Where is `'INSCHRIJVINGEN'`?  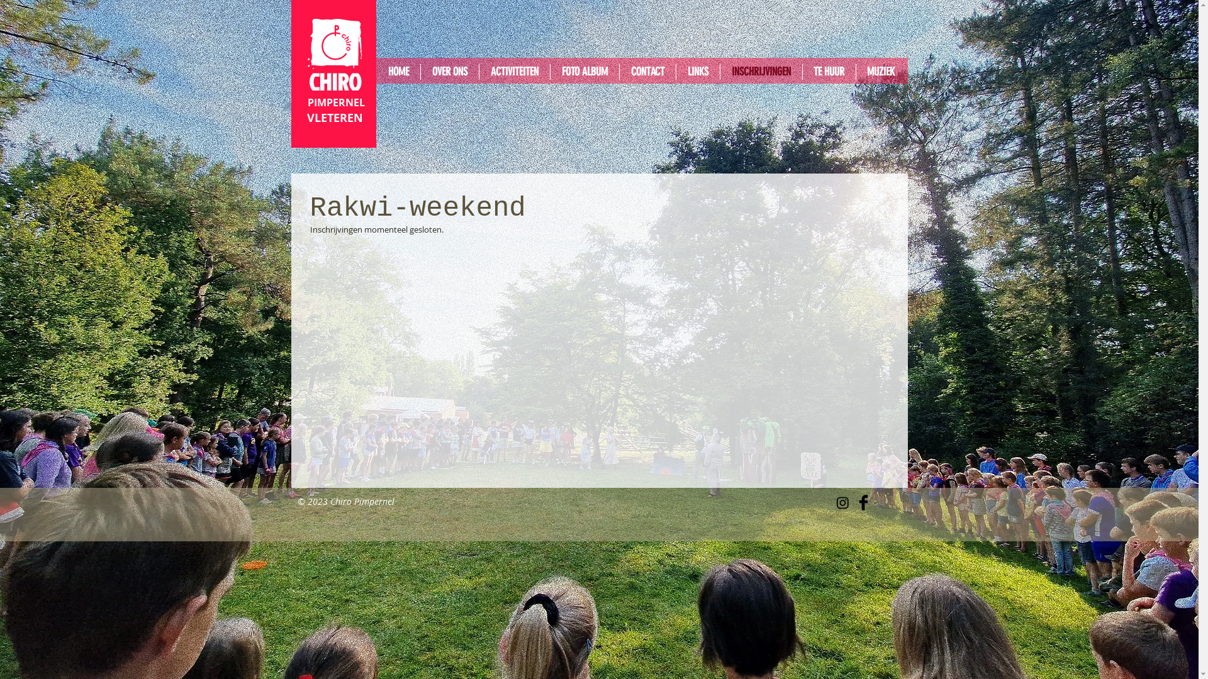
'INSCHRIJVINGEN' is located at coordinates (760, 72).